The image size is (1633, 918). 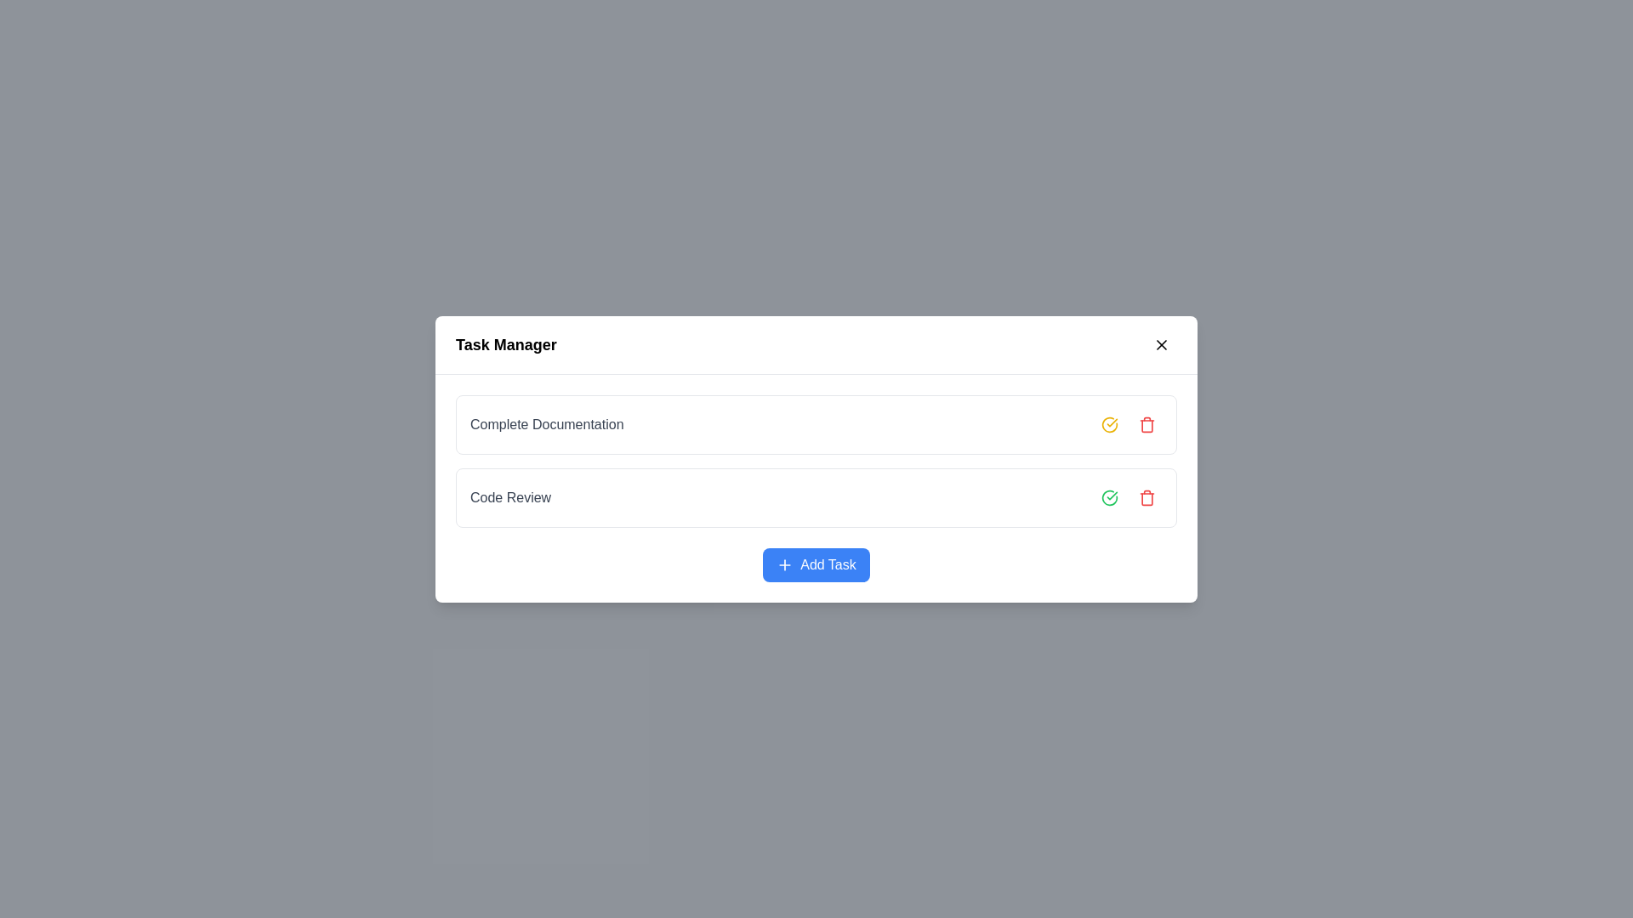 What do you see at coordinates (1161, 344) in the screenshot?
I see `the close icon located in the top-right corner of the Task Manager panel` at bounding box center [1161, 344].